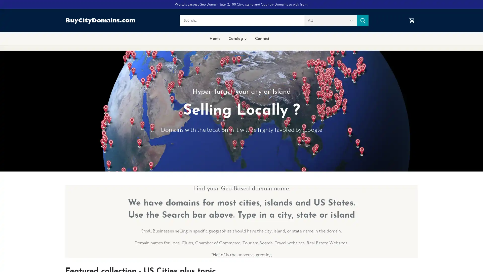 Image resolution: width=483 pixels, height=272 pixels. I want to click on Submit, so click(362, 20).